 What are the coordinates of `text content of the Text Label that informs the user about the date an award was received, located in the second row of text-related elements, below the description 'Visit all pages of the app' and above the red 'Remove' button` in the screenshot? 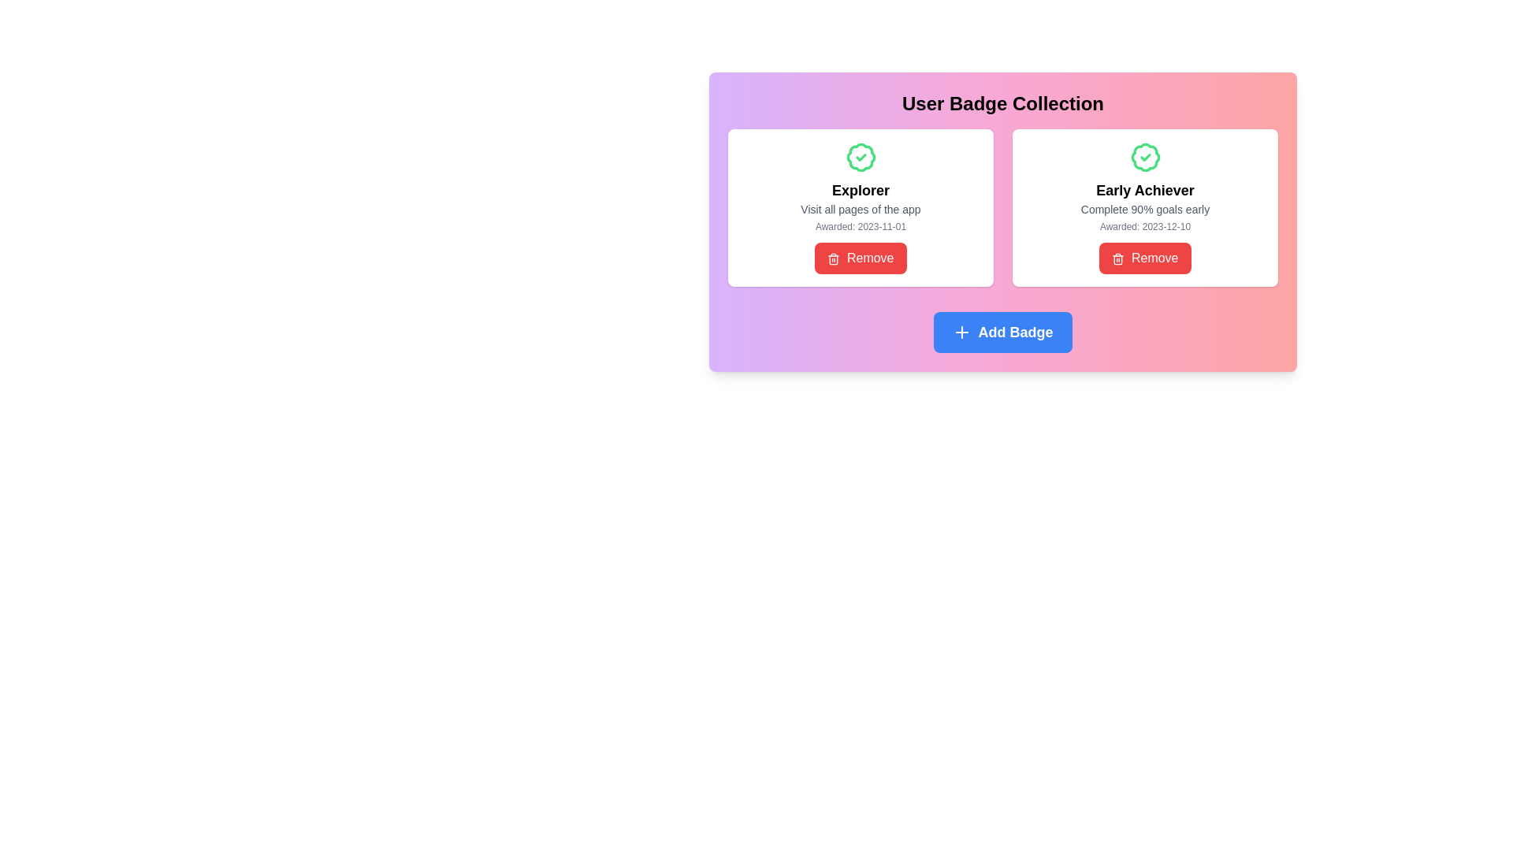 It's located at (860, 227).